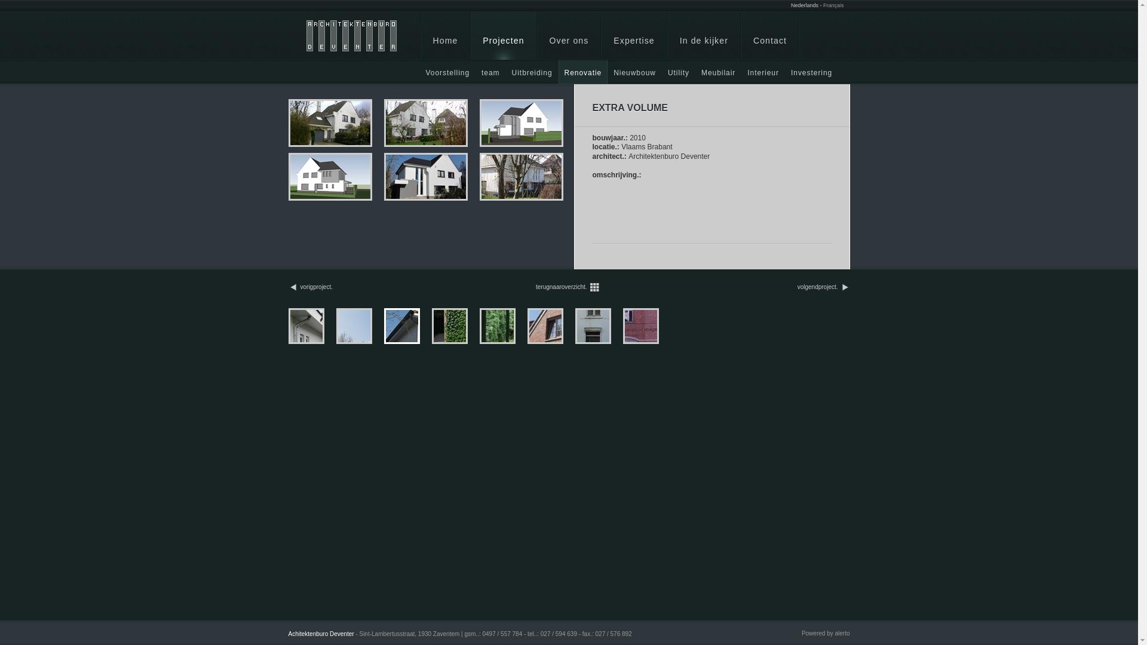 This screenshot has height=645, width=1147. I want to click on 'In de kijker', so click(704, 35).